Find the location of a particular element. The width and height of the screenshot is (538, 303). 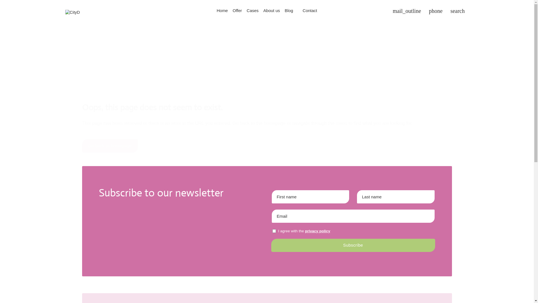

'Blog' is located at coordinates (289, 10).